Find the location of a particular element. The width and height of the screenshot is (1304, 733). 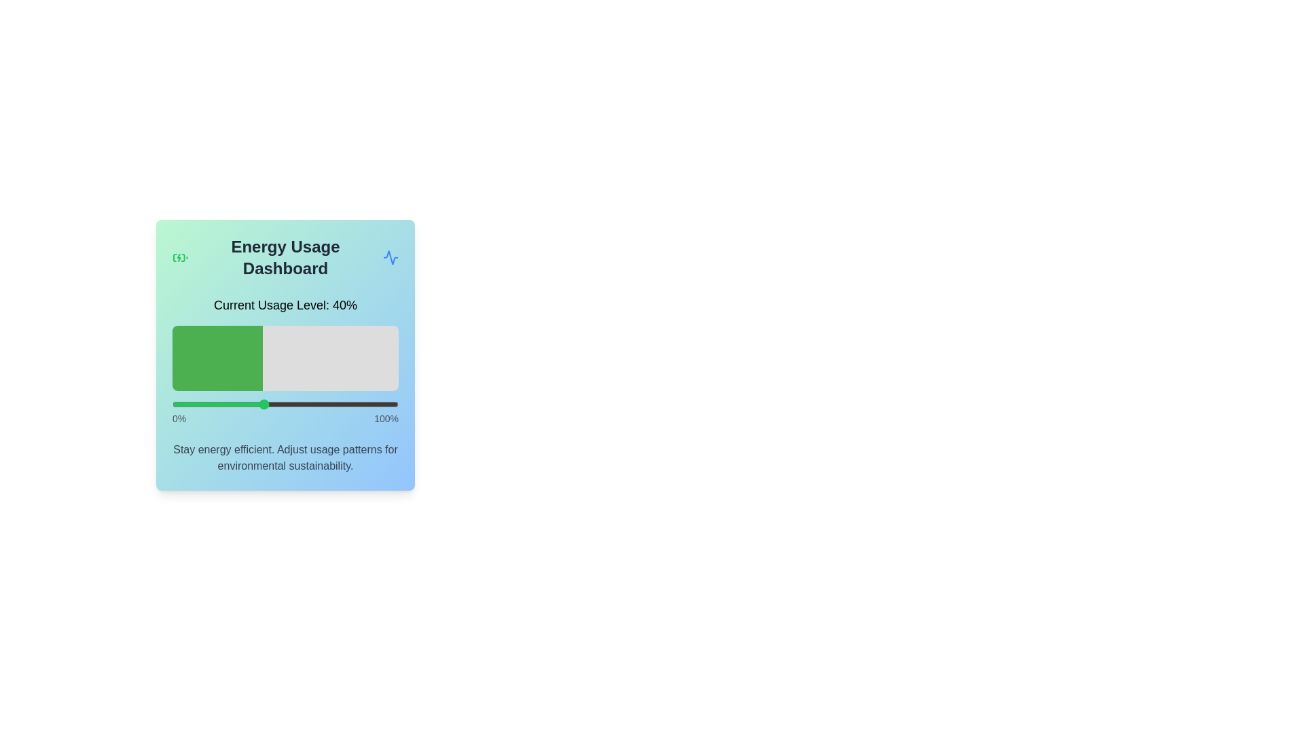

the energy usage level to 69% by dragging the slider is located at coordinates (328, 404).